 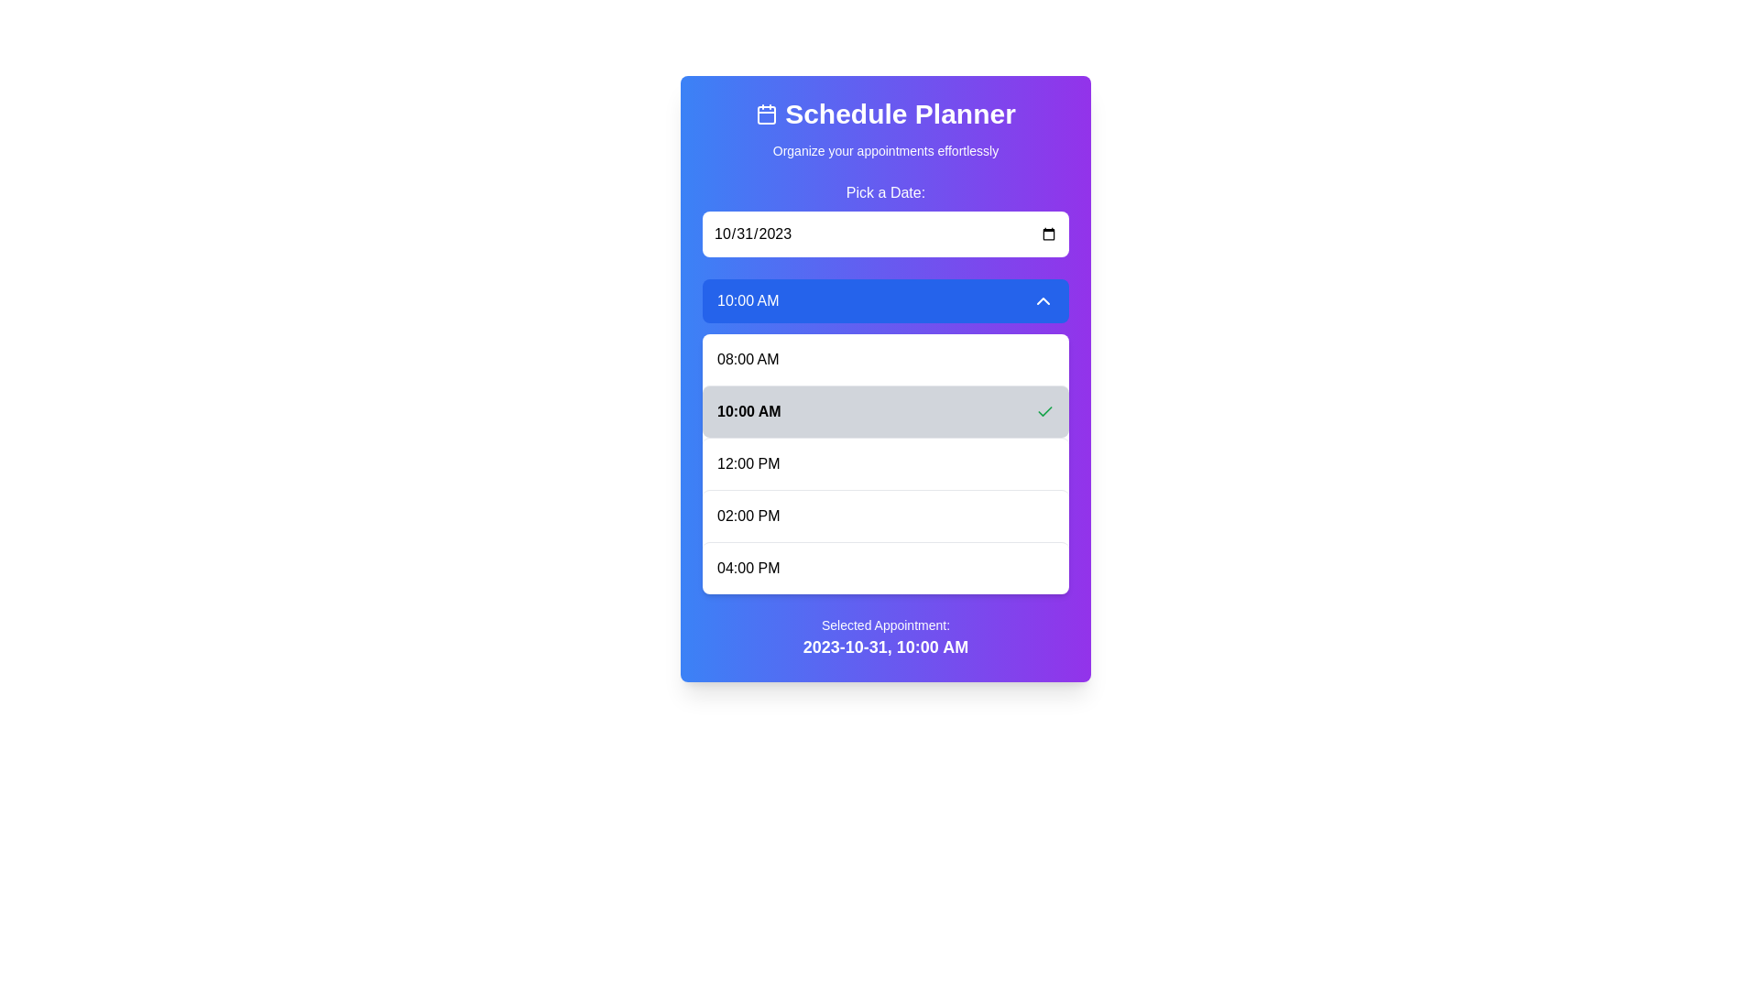 I want to click on the button displaying '02:00 PM', so click(x=885, y=516).